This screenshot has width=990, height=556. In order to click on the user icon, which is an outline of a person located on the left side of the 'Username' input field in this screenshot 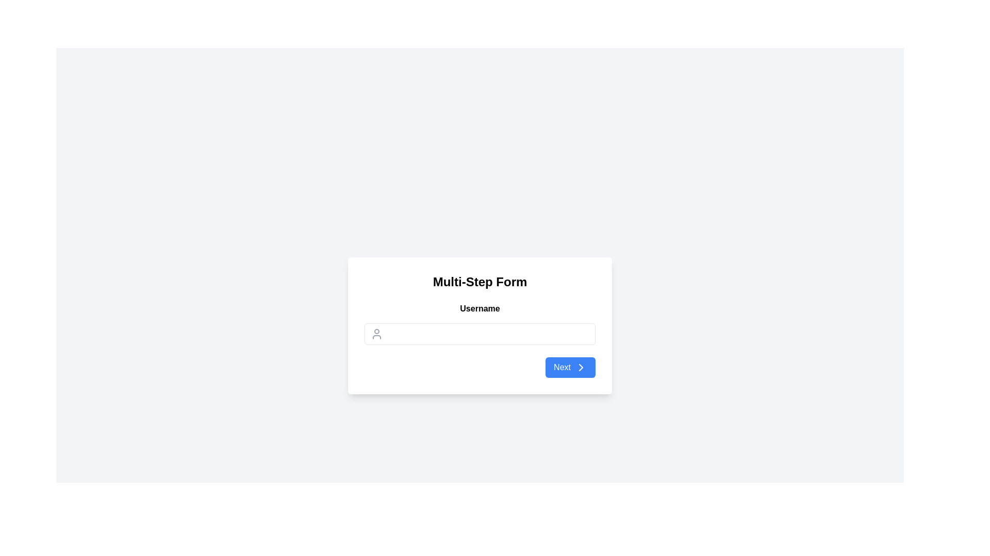, I will do `click(376, 334)`.